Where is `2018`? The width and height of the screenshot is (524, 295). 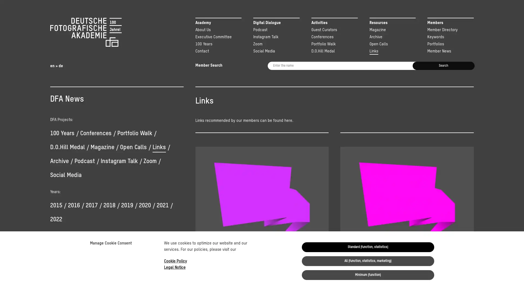
2018 is located at coordinates (109, 205).